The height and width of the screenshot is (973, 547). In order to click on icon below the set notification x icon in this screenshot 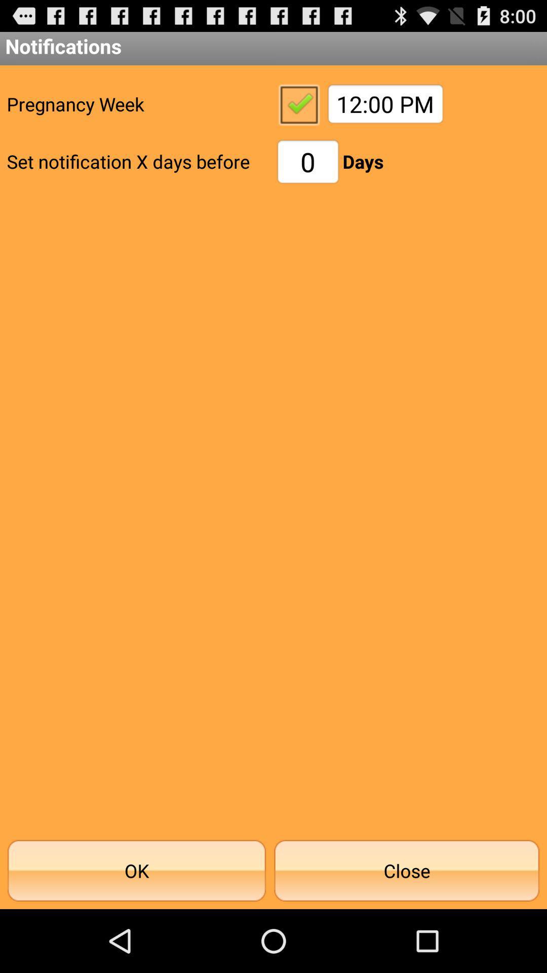, I will do `click(137, 870)`.